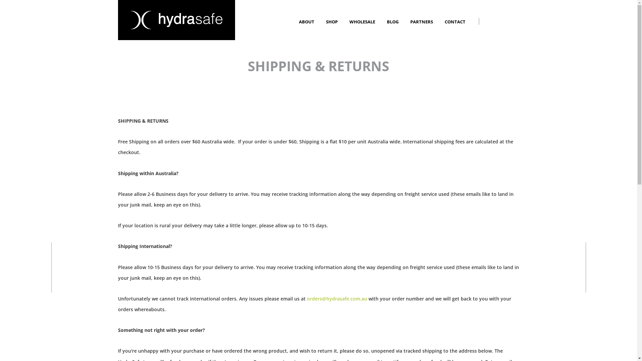 This screenshot has width=642, height=361. I want to click on 'SHOP', so click(332, 21).